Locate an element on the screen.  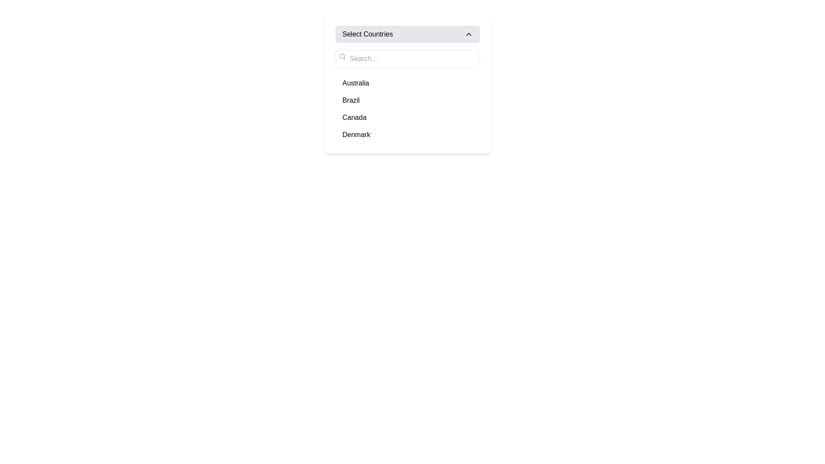
the decorative SVG circle that represents the search functionality in the input field aligned with the placeholder text 'Search...' is located at coordinates (342, 56).